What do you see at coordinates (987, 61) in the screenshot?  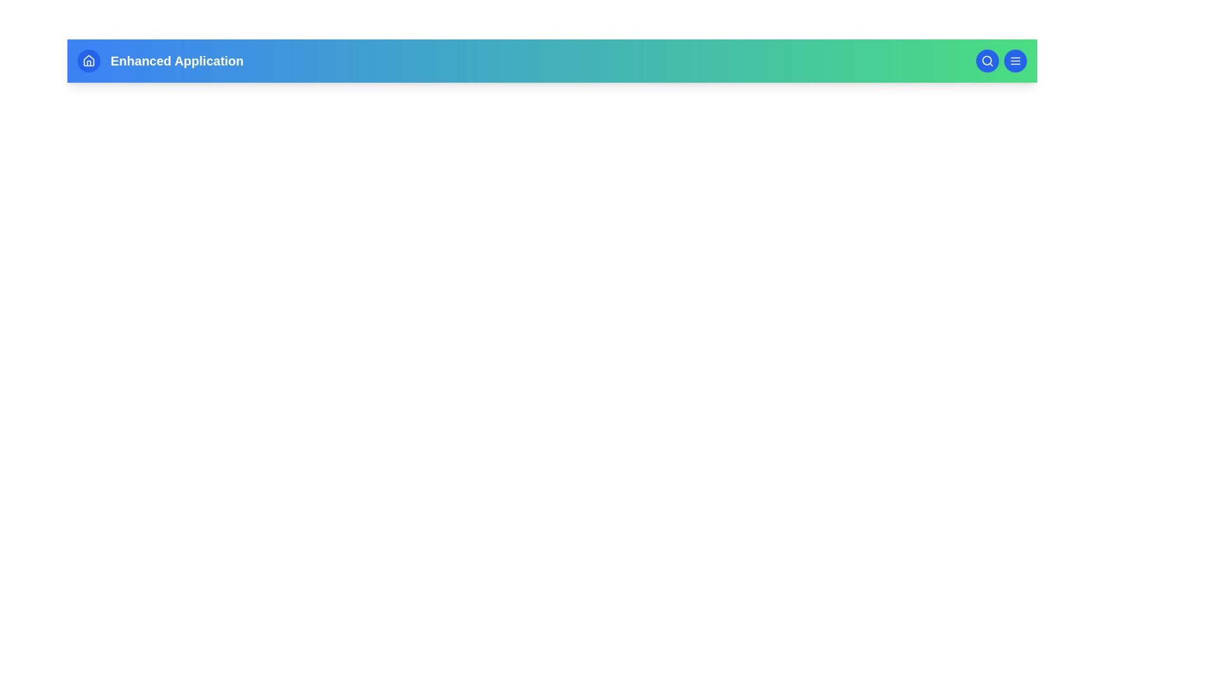 I see `the blue circular button with a magnifying glass icon located near the top right corner of the interface to initiate a search` at bounding box center [987, 61].